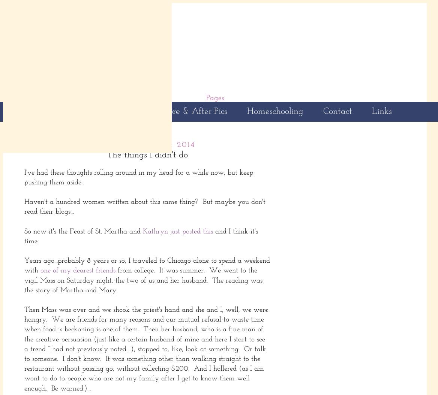 The image size is (438, 395). What do you see at coordinates (144, 207) in the screenshot?
I see `'Haven't a hundred women written about this same thing?  But maybe you don't read their blogs...'` at bounding box center [144, 207].